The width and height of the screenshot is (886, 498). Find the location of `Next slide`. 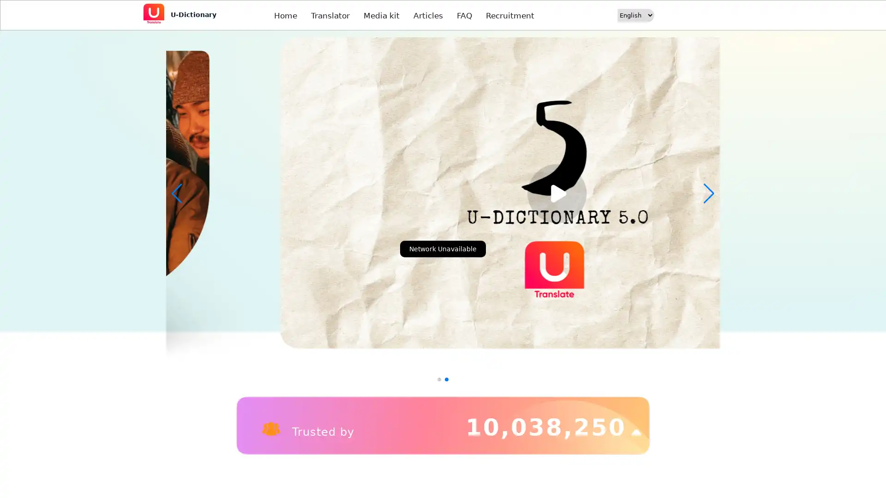

Next slide is located at coordinates (708, 193).